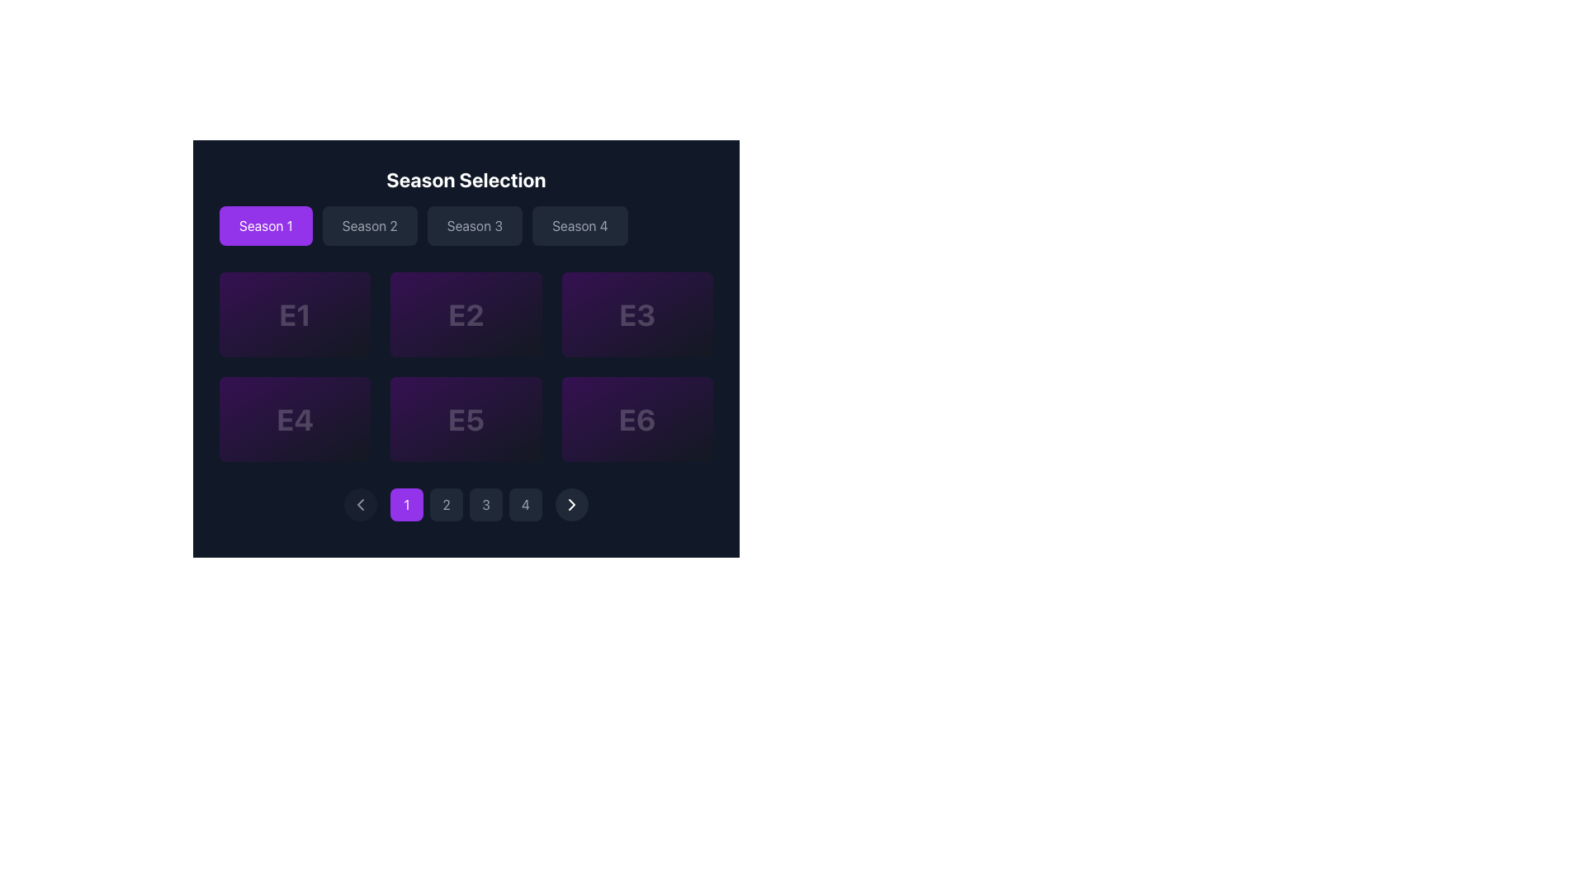 This screenshot has height=891, width=1585. What do you see at coordinates (407, 504) in the screenshot?
I see `the circular pagination button displaying the numeral '1' on a vibrant purple background` at bounding box center [407, 504].